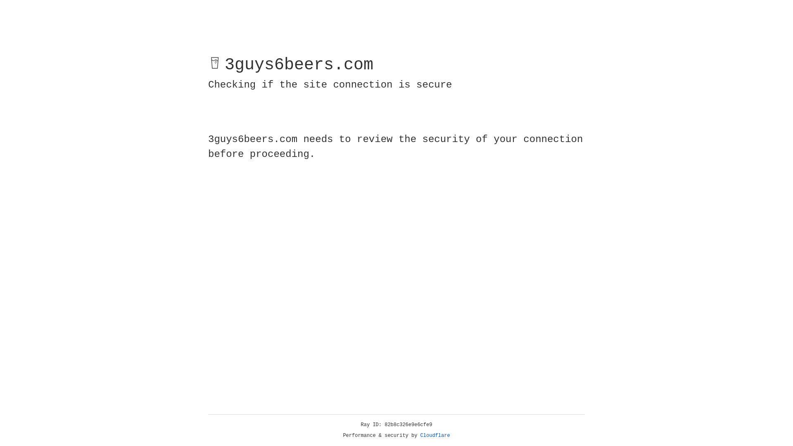 The image size is (793, 446). I want to click on 'Cloudflare', so click(420, 435).